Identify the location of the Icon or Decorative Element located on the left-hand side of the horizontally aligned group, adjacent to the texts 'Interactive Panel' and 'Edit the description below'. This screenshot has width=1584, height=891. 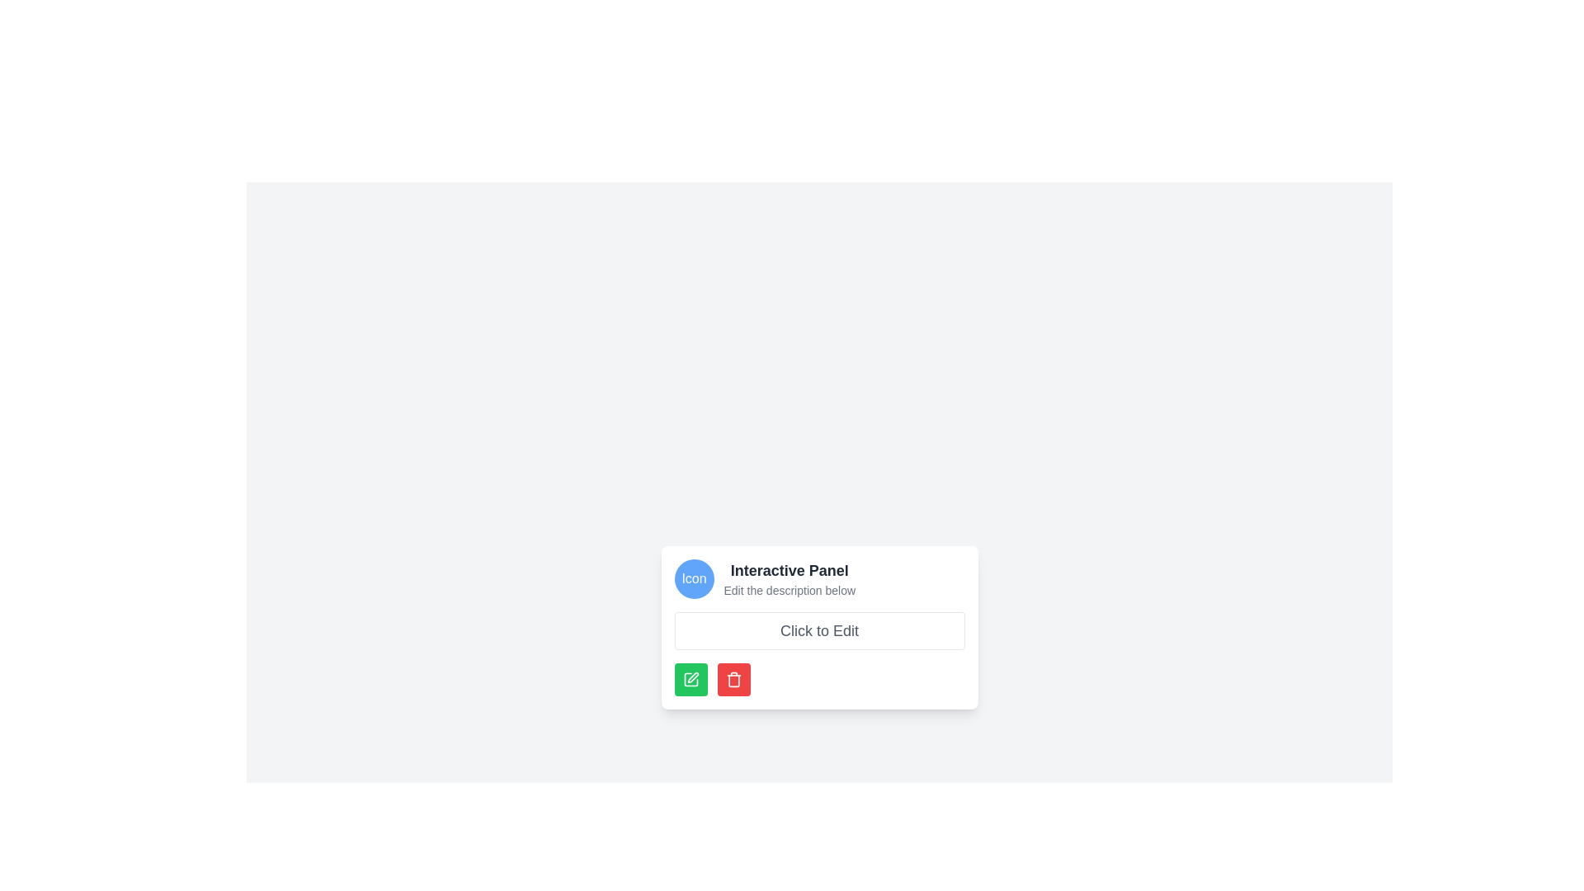
(694, 578).